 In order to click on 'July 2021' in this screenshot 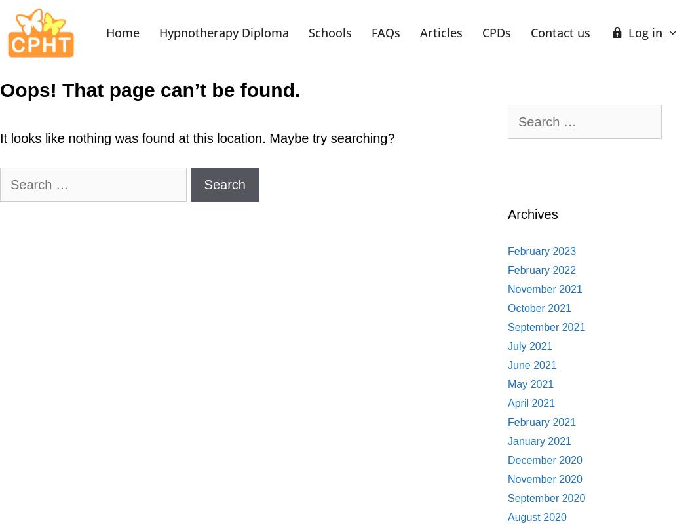, I will do `click(529, 345)`.